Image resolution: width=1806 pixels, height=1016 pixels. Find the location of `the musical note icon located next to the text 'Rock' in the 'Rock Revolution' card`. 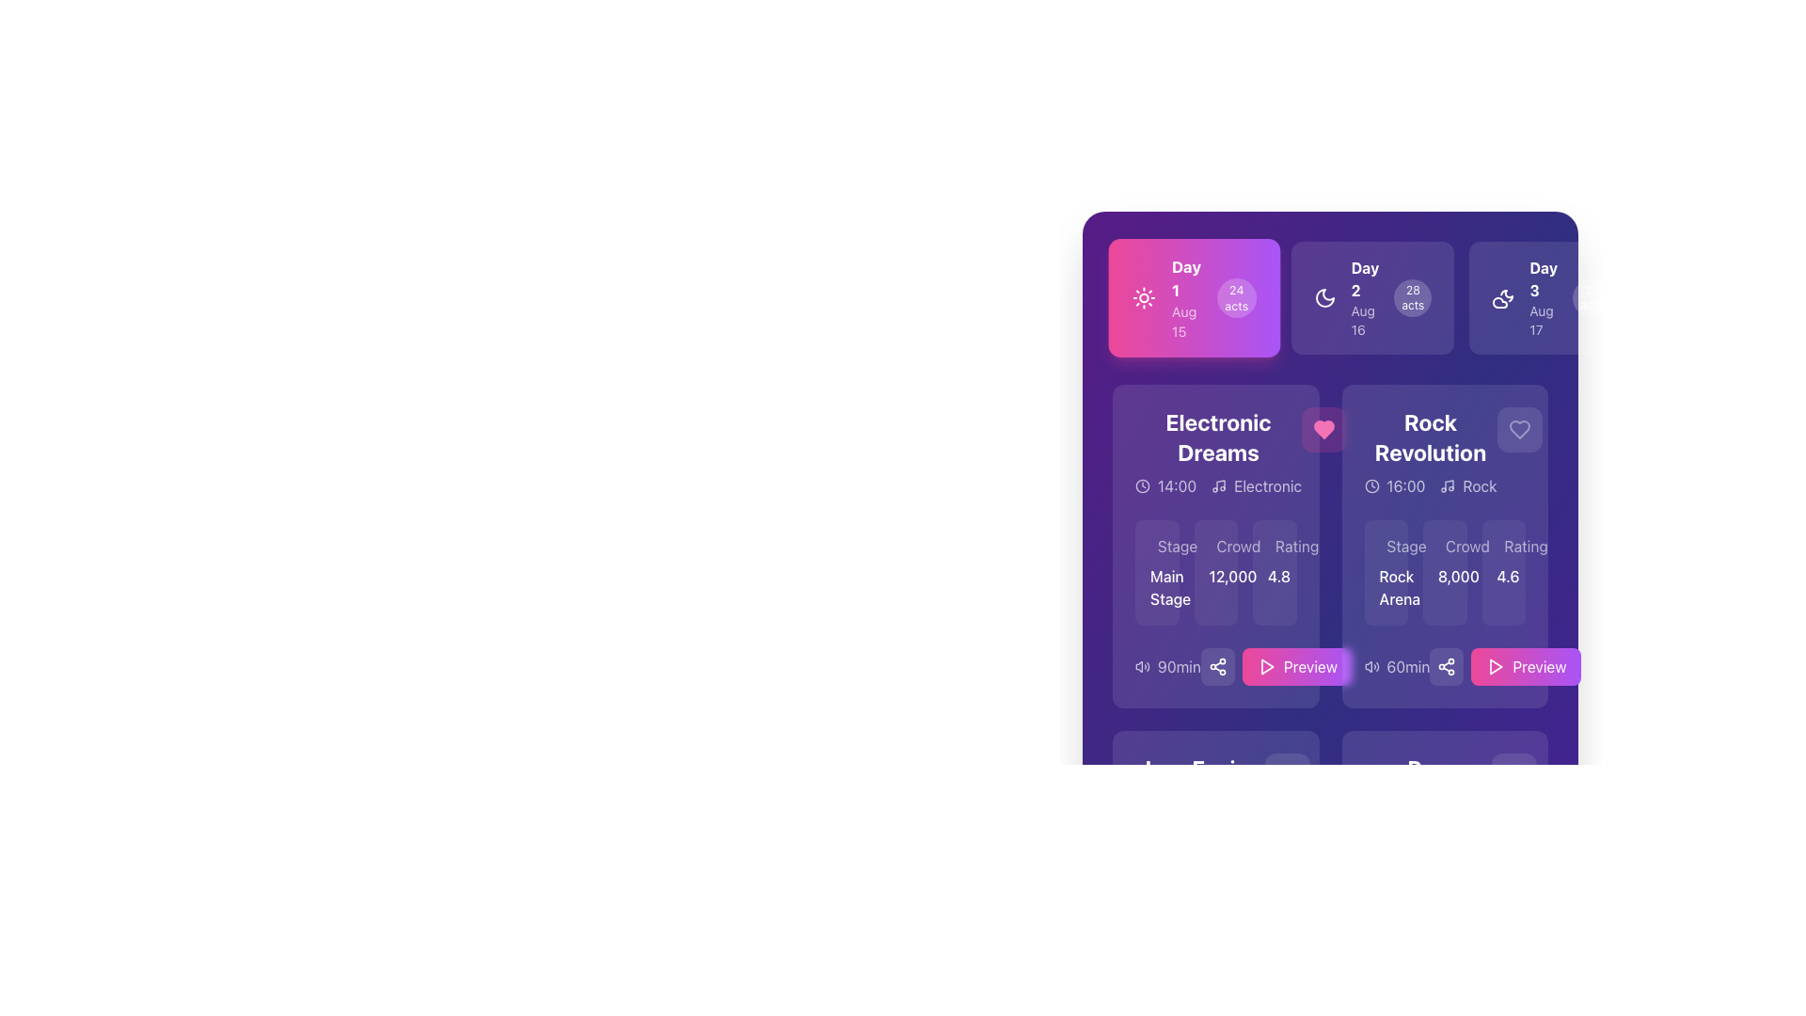

the musical note icon located next to the text 'Rock' in the 'Rock Revolution' card is located at coordinates (1447, 484).